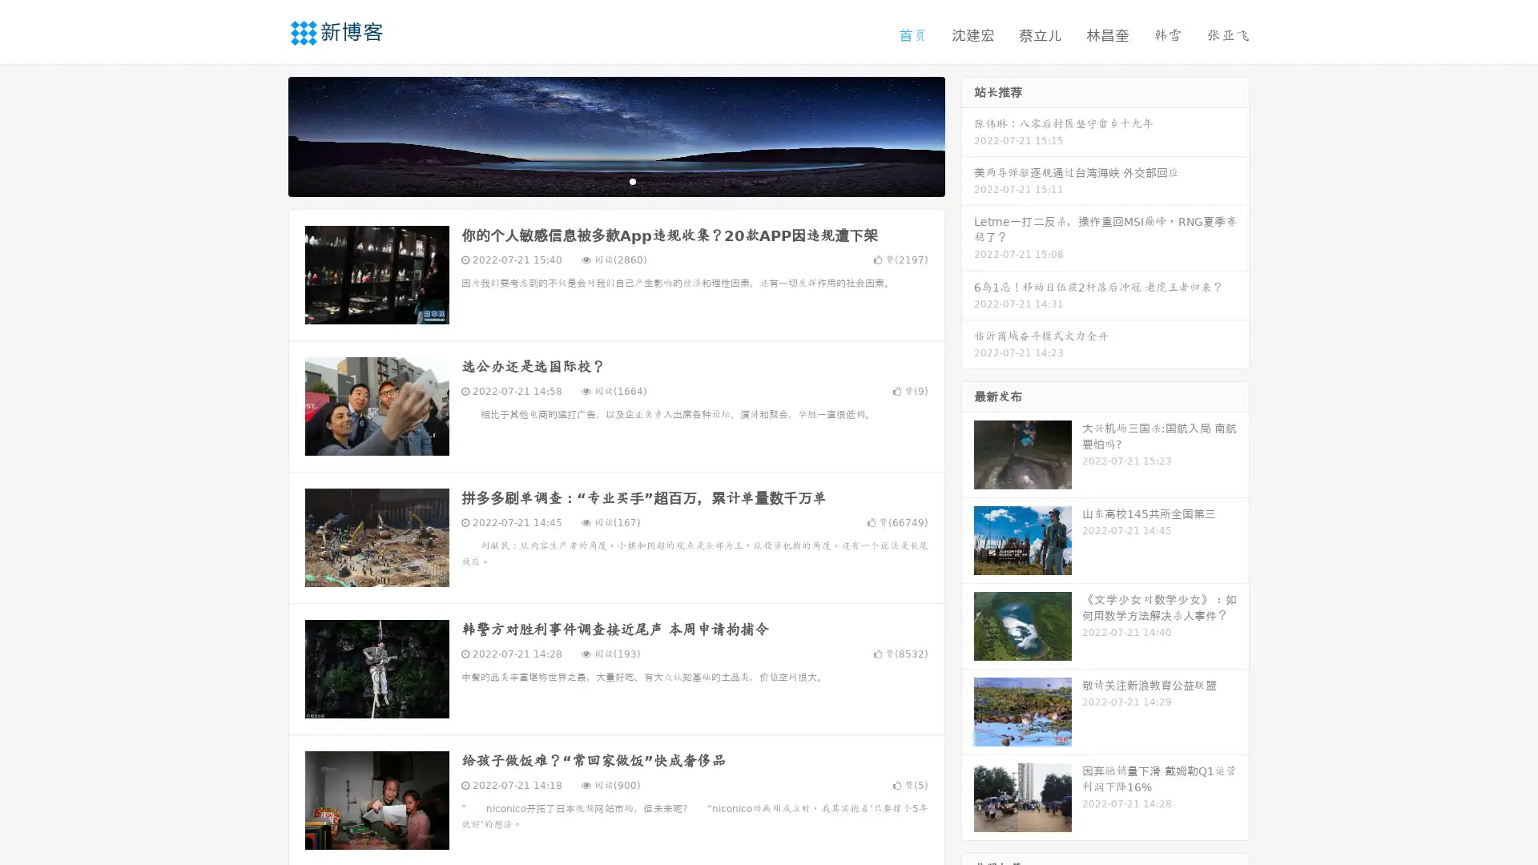 The height and width of the screenshot is (865, 1538). I want to click on Go to slide 3, so click(632, 180).